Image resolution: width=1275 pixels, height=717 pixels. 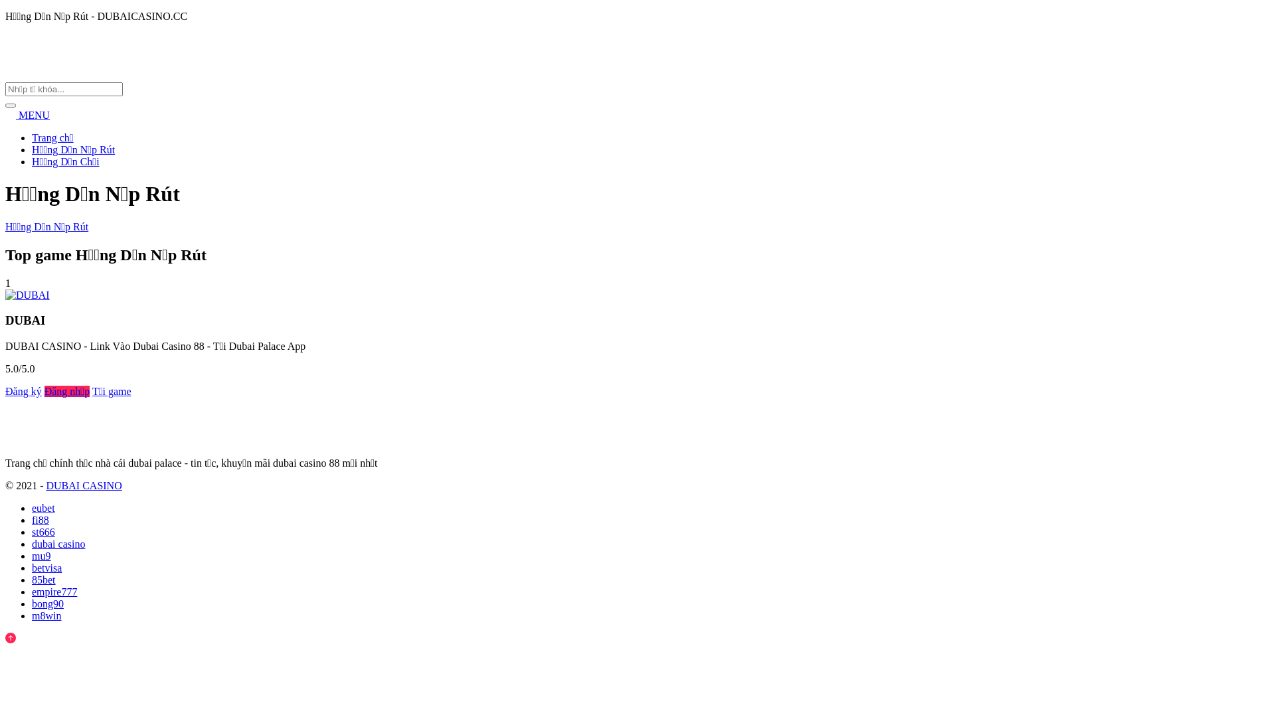 I want to click on 'dubai casino', so click(x=57, y=544).